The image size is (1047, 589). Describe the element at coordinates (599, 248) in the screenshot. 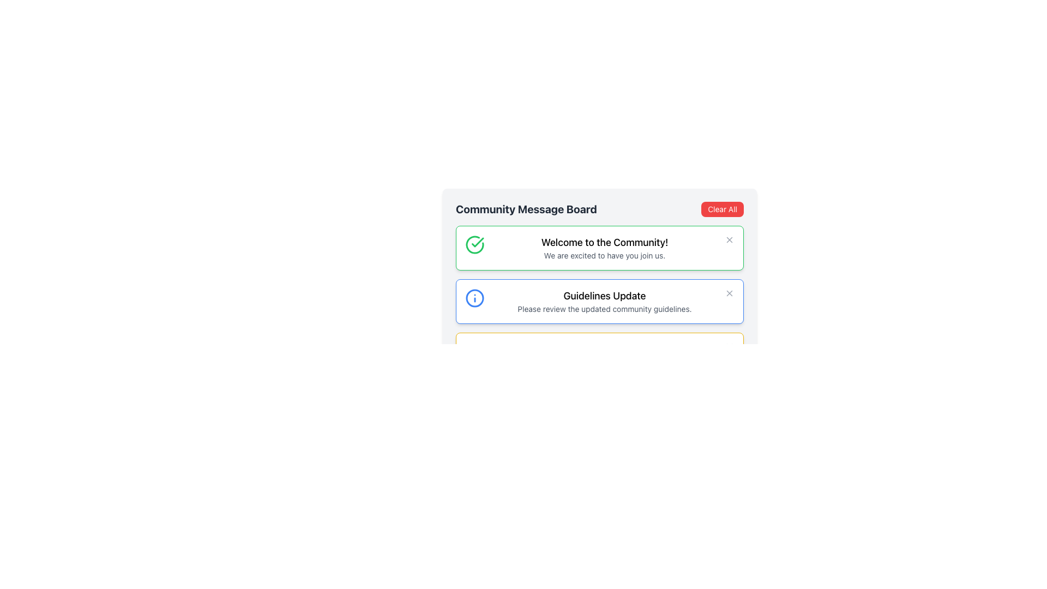

I see `the Informational Card located at the top of the 'Community Message Board' section, which serves as a welcome message to users` at that location.